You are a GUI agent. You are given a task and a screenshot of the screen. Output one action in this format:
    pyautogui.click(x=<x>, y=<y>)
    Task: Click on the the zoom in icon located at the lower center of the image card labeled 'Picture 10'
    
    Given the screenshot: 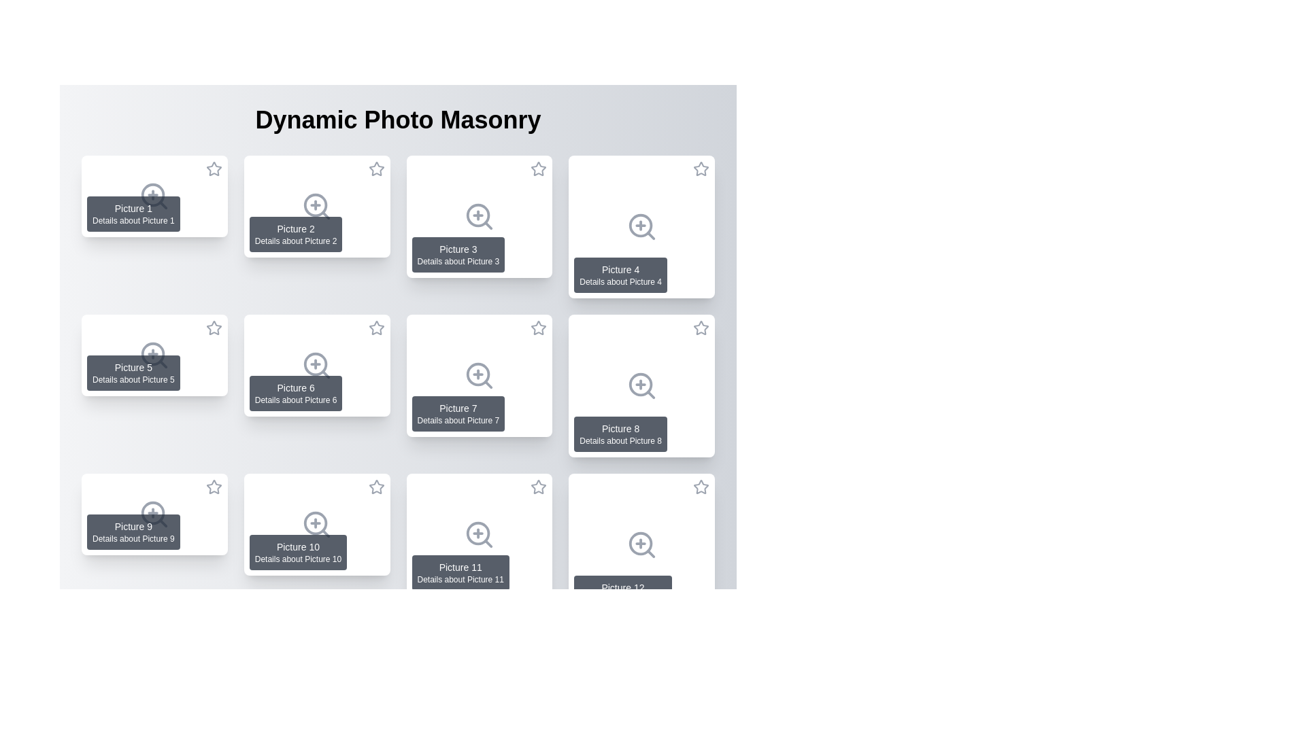 What is the action you would take?
    pyautogui.click(x=315, y=523)
    